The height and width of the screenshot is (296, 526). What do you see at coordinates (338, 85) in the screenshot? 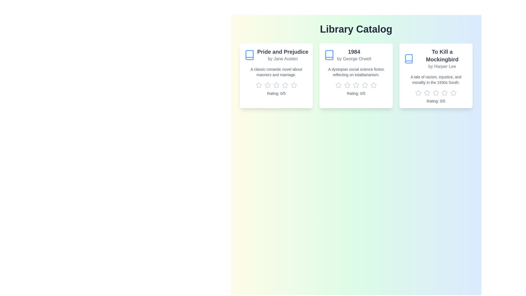
I see `the rating of the book '1984' to 1 stars by clicking the corresponding star` at bounding box center [338, 85].